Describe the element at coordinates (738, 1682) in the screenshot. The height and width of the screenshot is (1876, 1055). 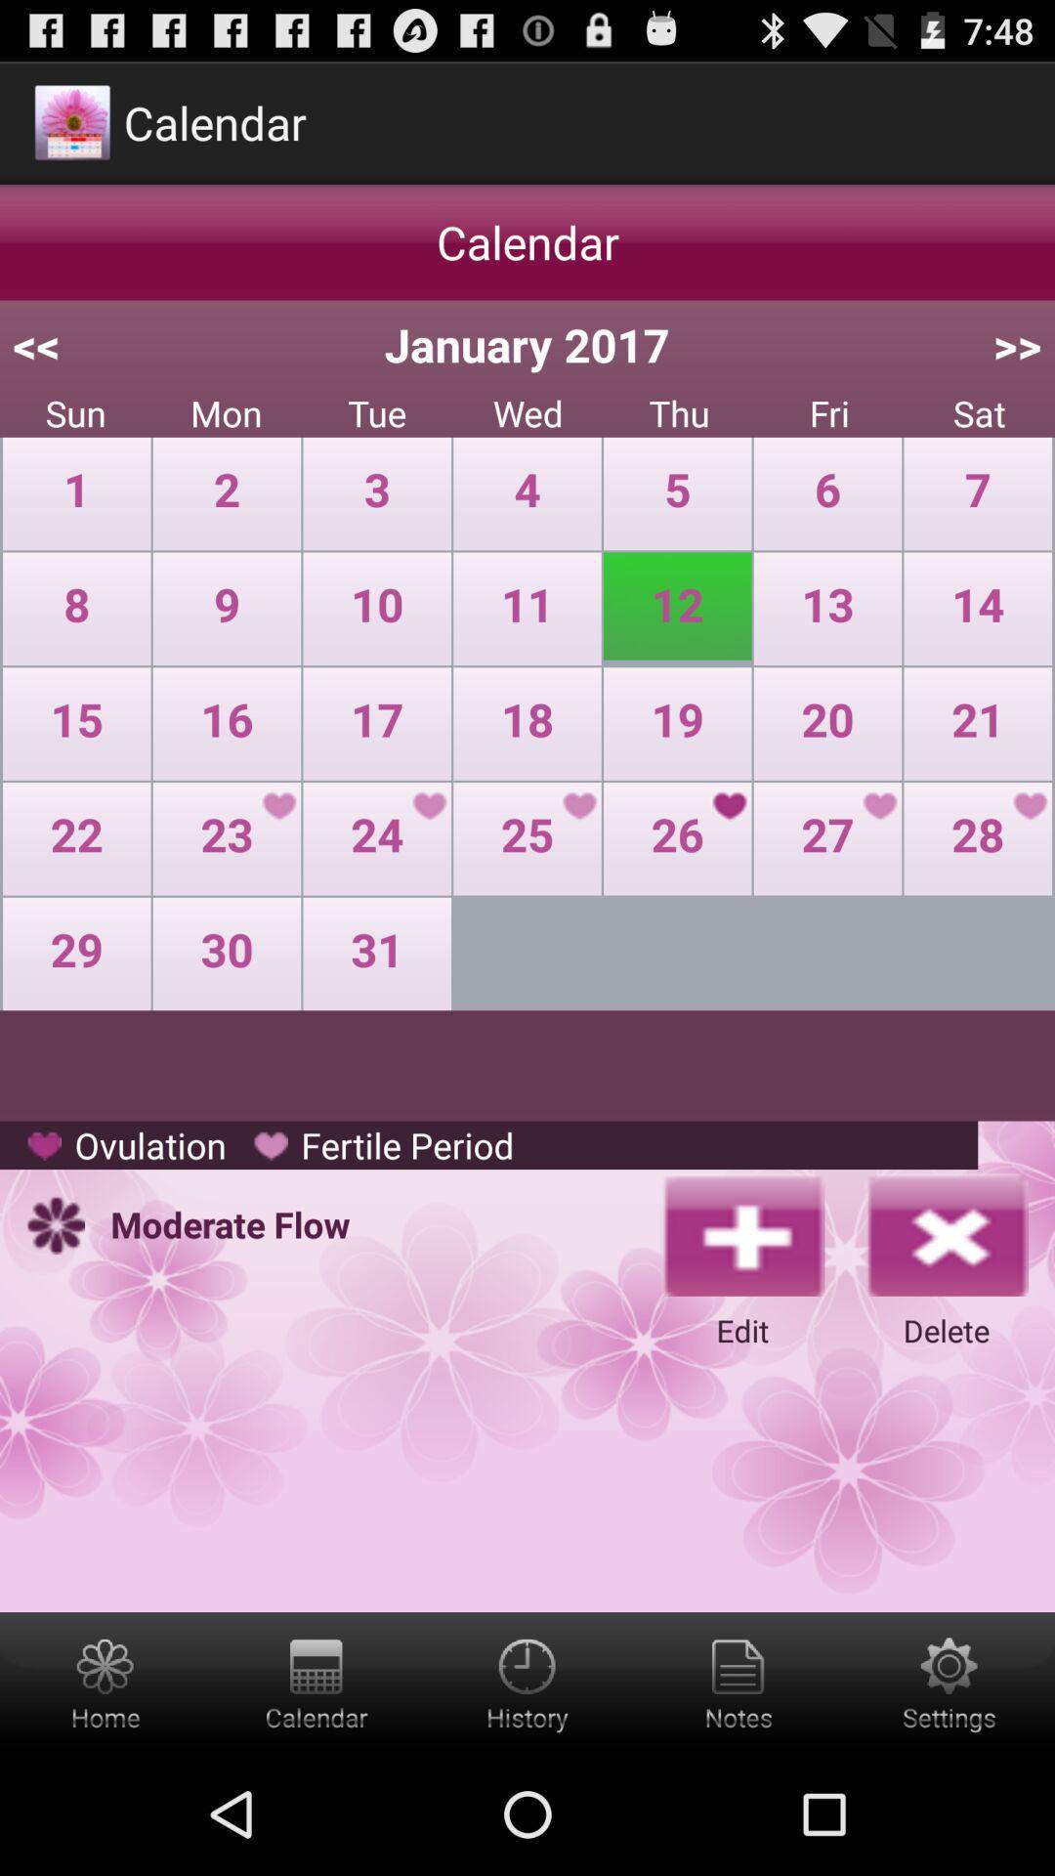
I see `notebad box` at that location.